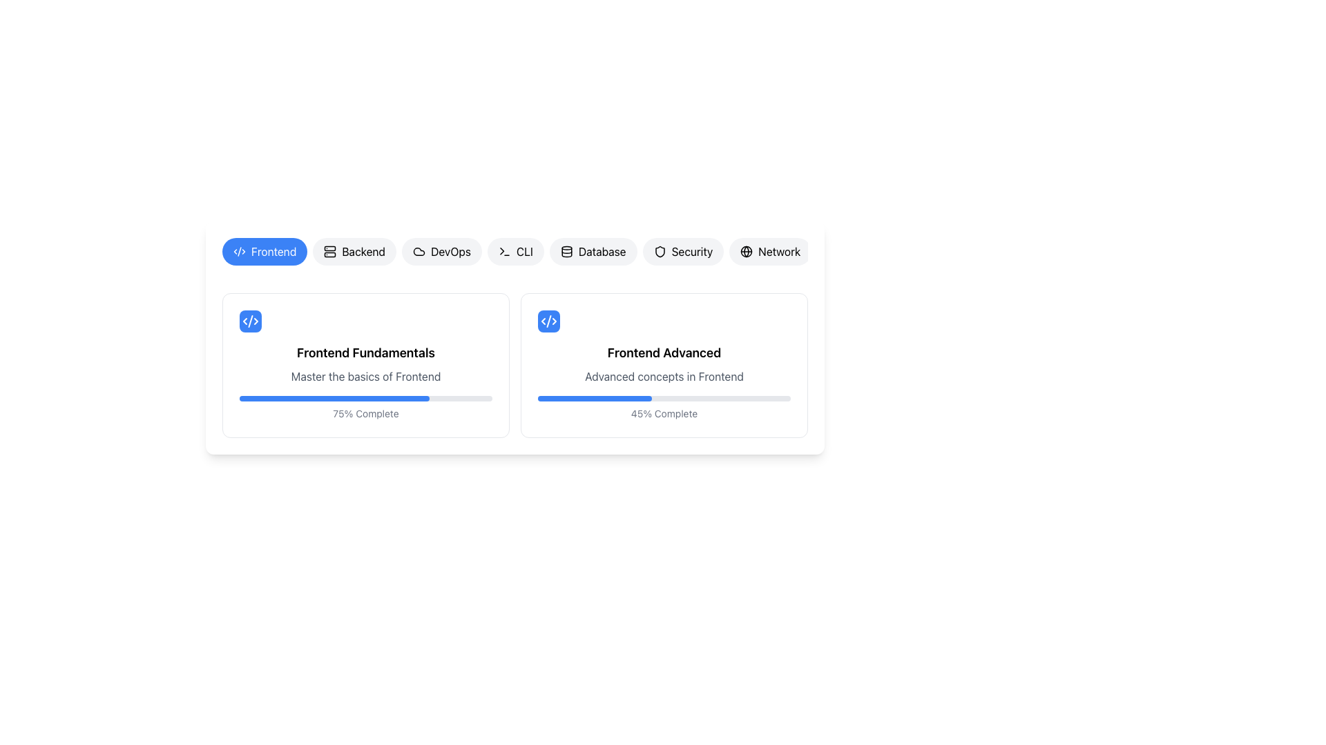 Image resolution: width=1326 pixels, height=745 pixels. Describe the element at coordinates (566, 252) in the screenshot. I see `the database icon located within the 'Database' button, which is a small icon resembling a database with elliptical shapes and vertical lines, positioned to the left of the text label` at that location.